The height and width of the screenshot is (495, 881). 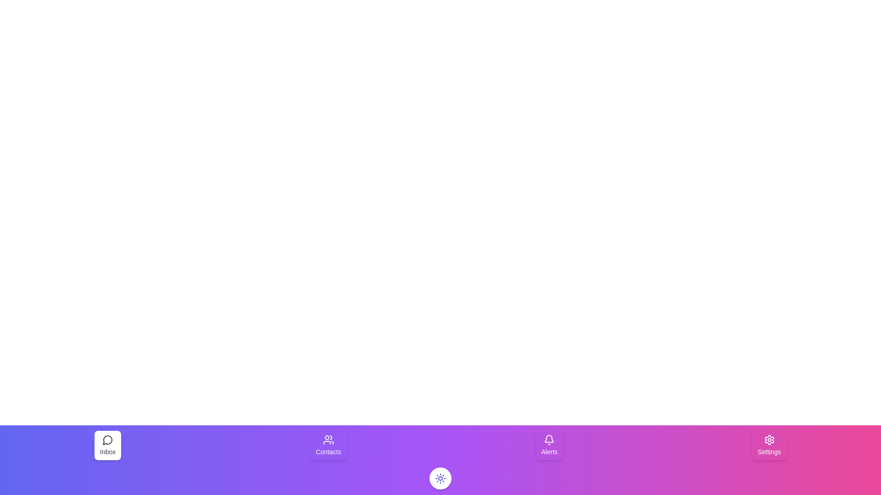 What do you see at coordinates (549, 445) in the screenshot?
I see `the navigation item Alerts to select it` at bounding box center [549, 445].